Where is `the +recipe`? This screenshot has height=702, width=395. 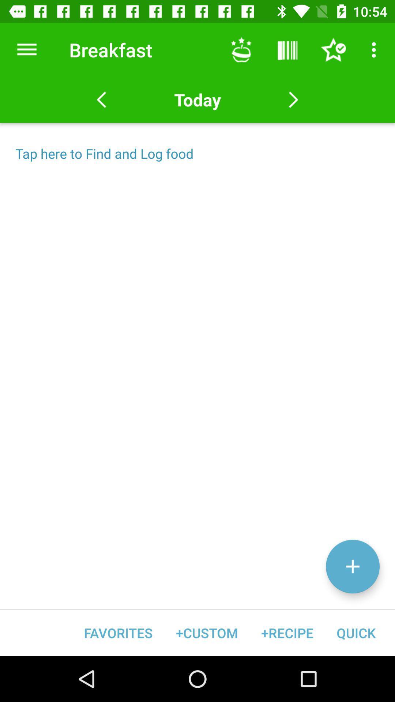 the +recipe is located at coordinates (287, 633).